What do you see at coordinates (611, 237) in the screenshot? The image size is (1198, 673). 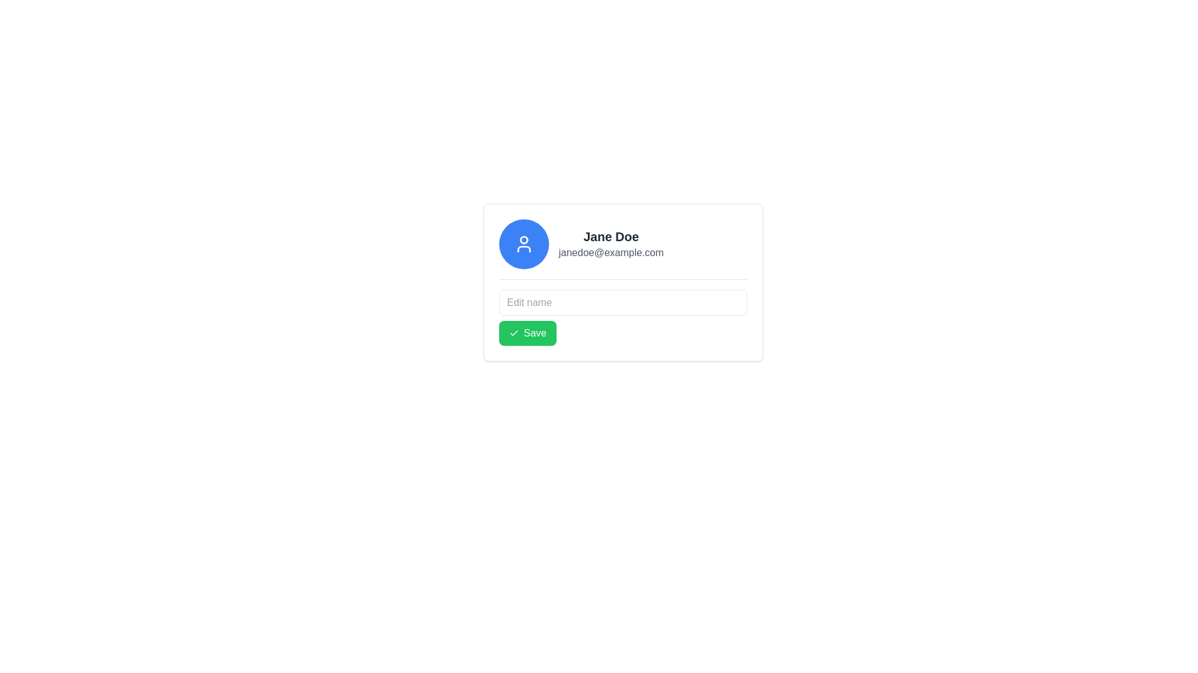 I see `the static text label displaying the user's full name, located at the top center of the card-like layout, to the right of the circular avatar icon` at bounding box center [611, 237].